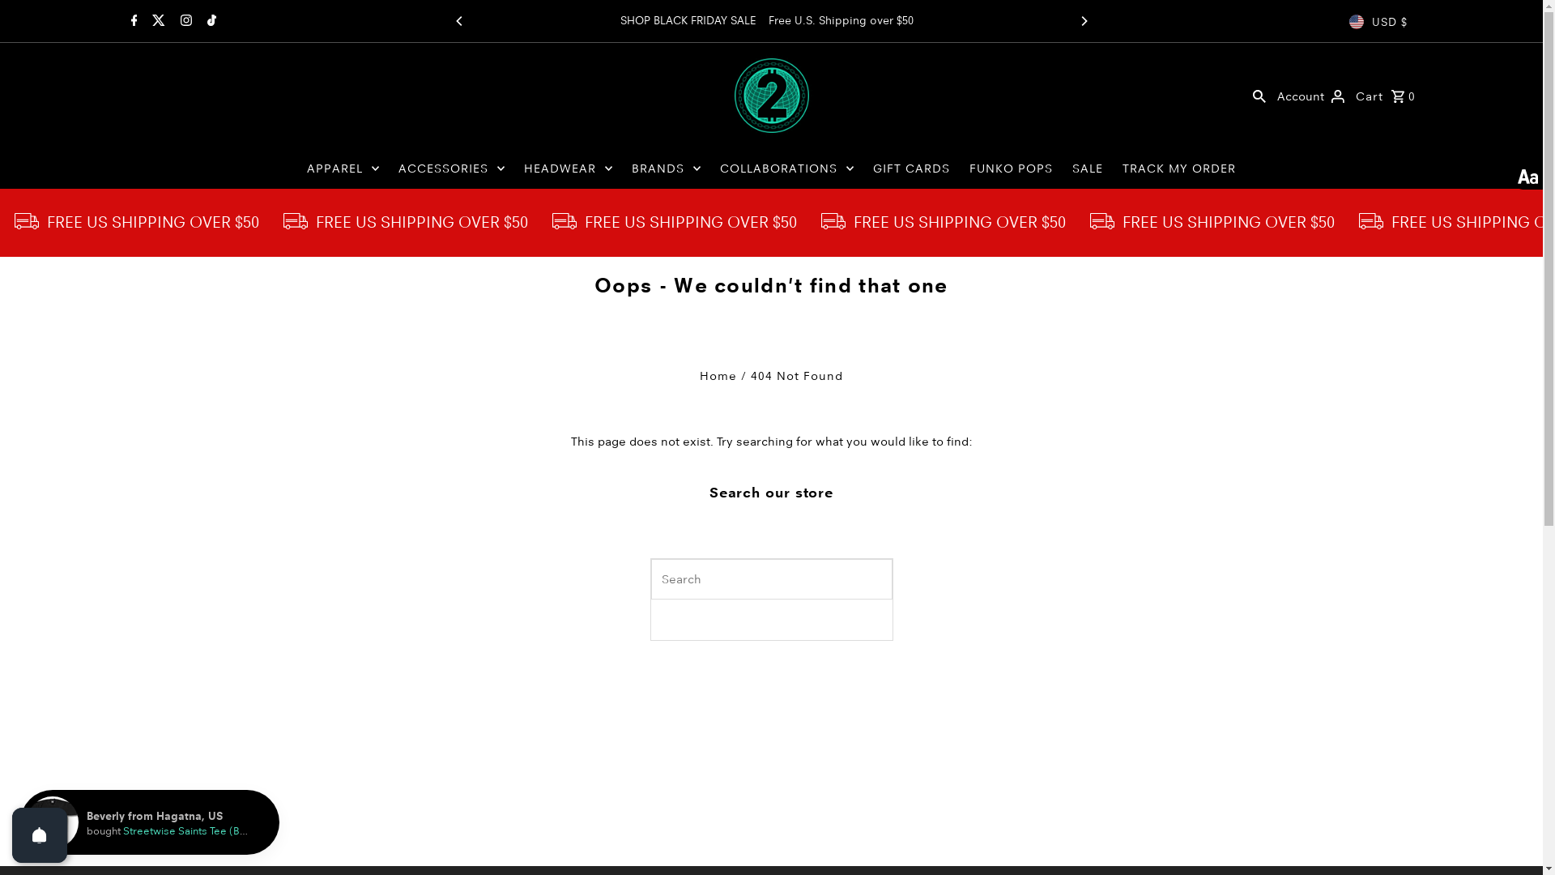 This screenshot has width=1555, height=875. What do you see at coordinates (1010, 169) in the screenshot?
I see `'FUNKO POPS'` at bounding box center [1010, 169].